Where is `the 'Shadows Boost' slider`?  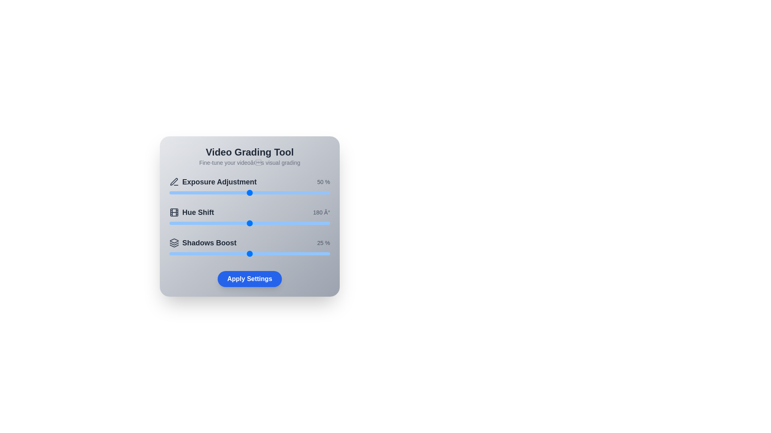 the 'Shadows Boost' slider is located at coordinates (218, 253).